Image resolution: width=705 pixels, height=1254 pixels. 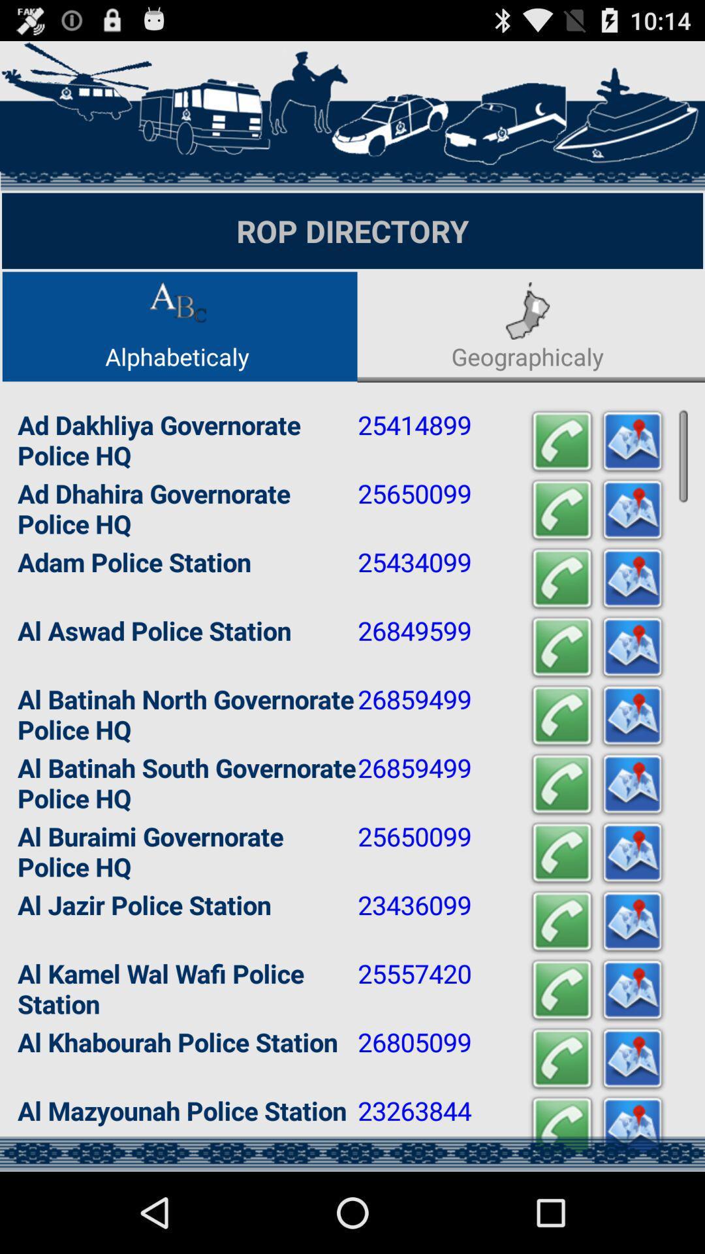 What do you see at coordinates (561, 647) in the screenshot?
I see `call option` at bounding box center [561, 647].